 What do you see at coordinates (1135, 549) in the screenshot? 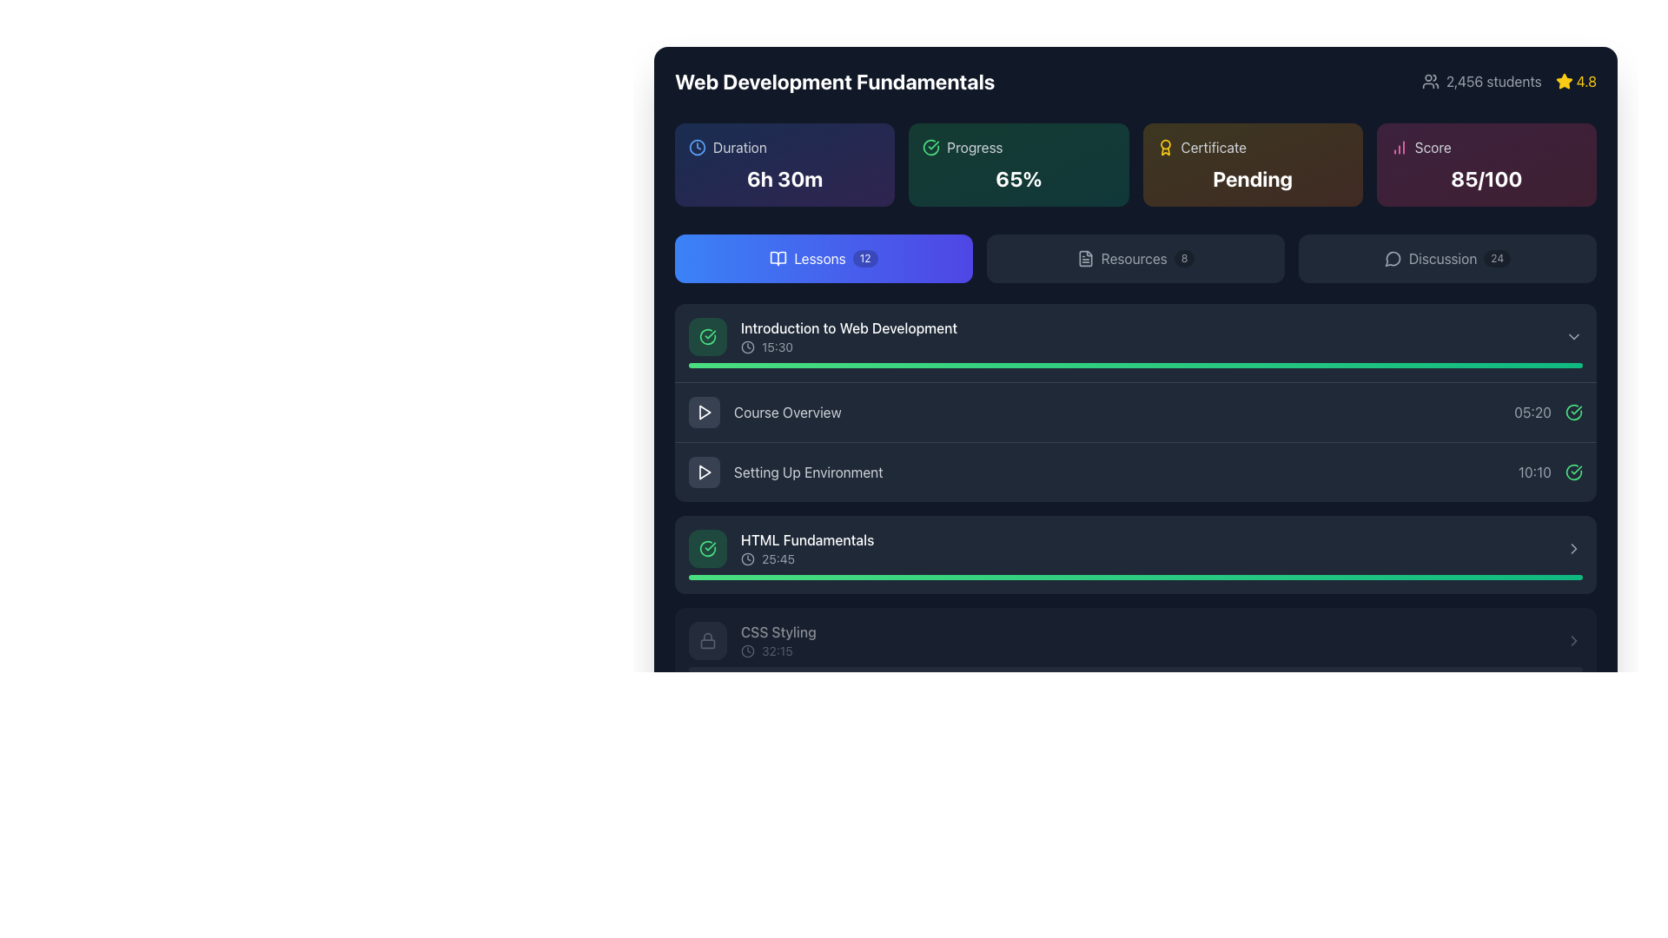
I see `the button representing the educational module titled 'HTML Fundamentals', which is the fourth item in the vertical list of lessons` at bounding box center [1135, 549].